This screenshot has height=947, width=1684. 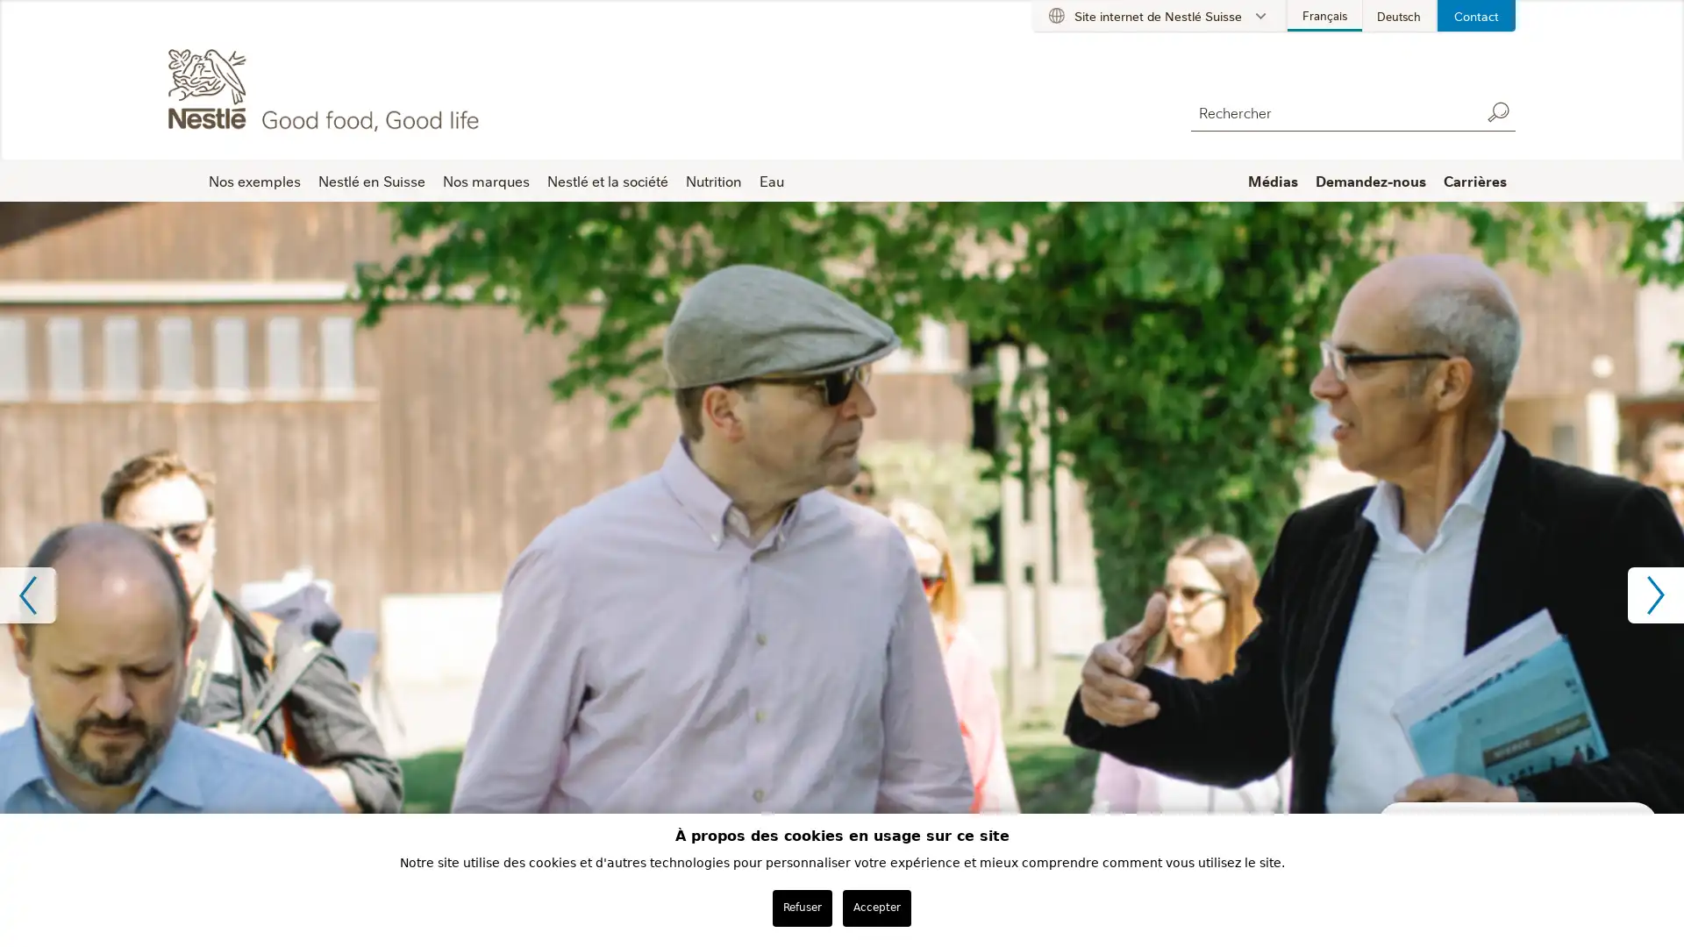 I want to click on Rechercher, so click(x=1497, y=111).